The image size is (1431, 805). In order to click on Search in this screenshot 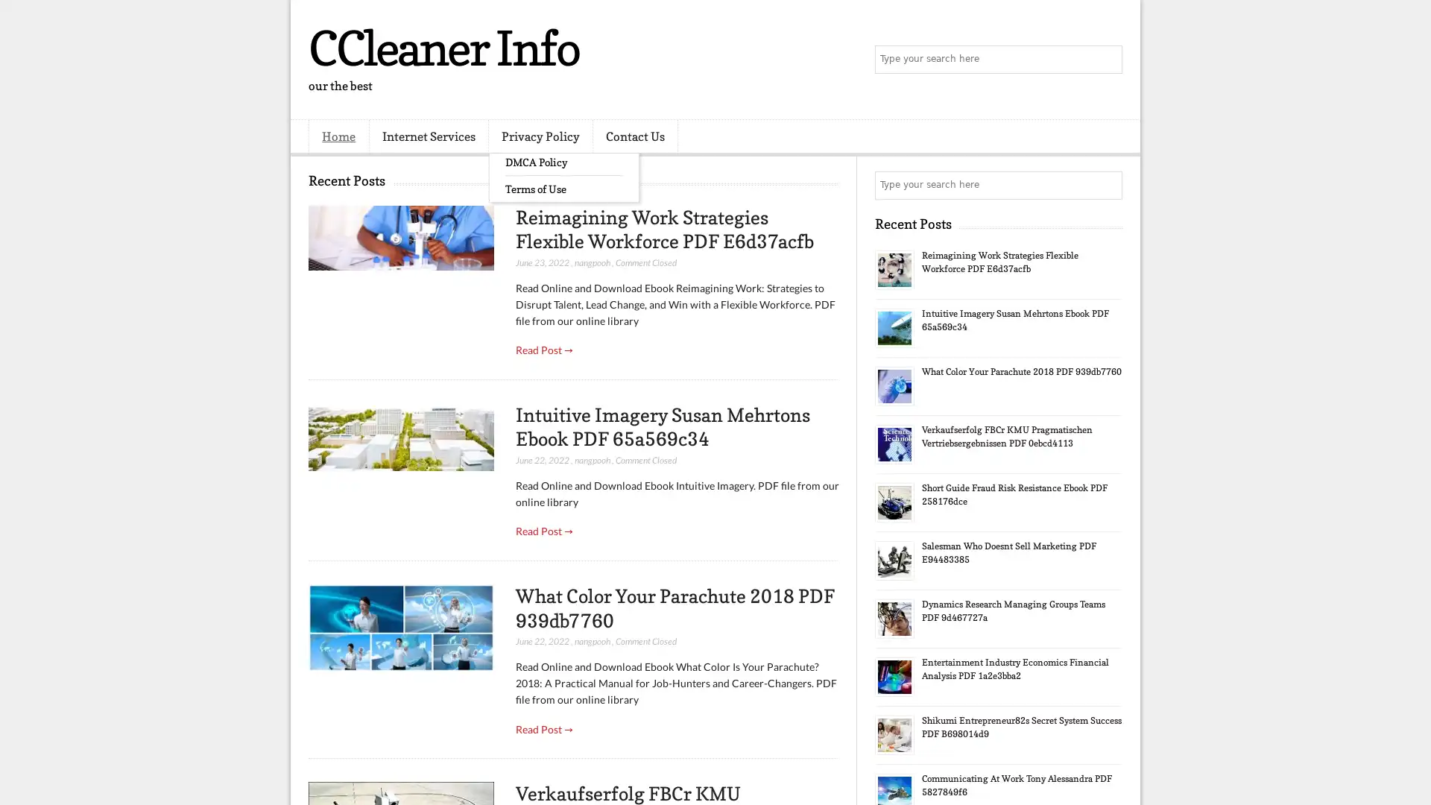, I will do `click(1107, 185)`.